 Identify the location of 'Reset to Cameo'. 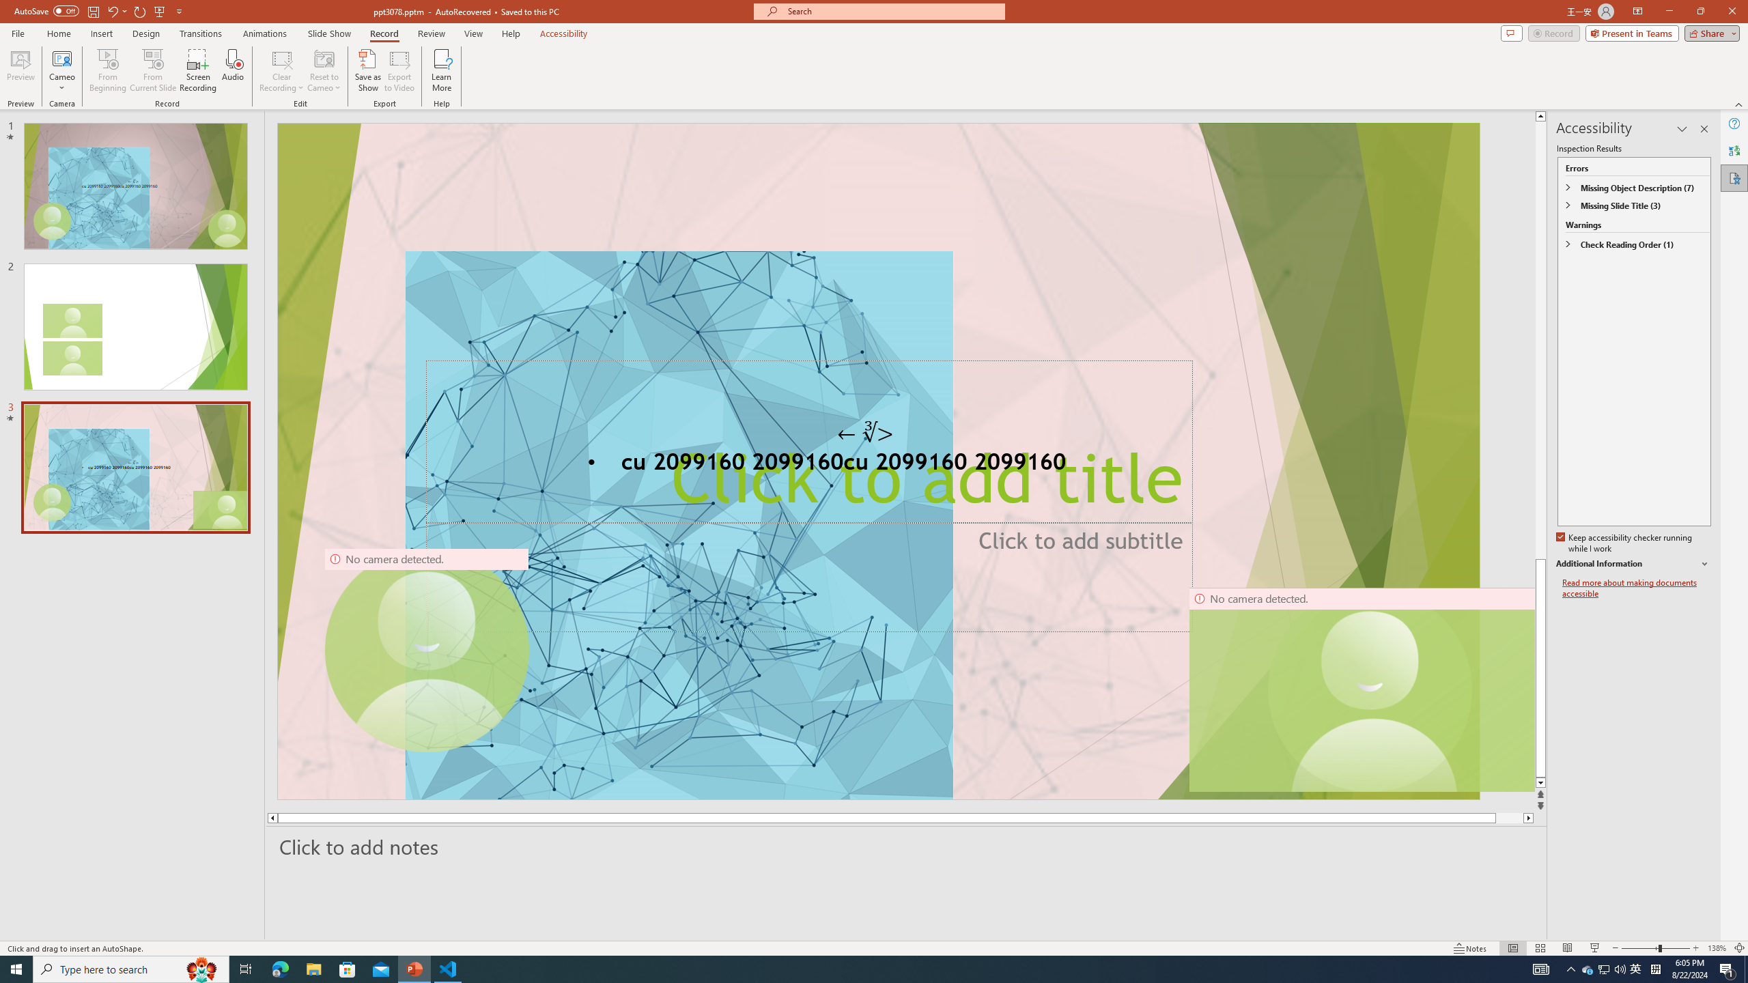
(323, 70).